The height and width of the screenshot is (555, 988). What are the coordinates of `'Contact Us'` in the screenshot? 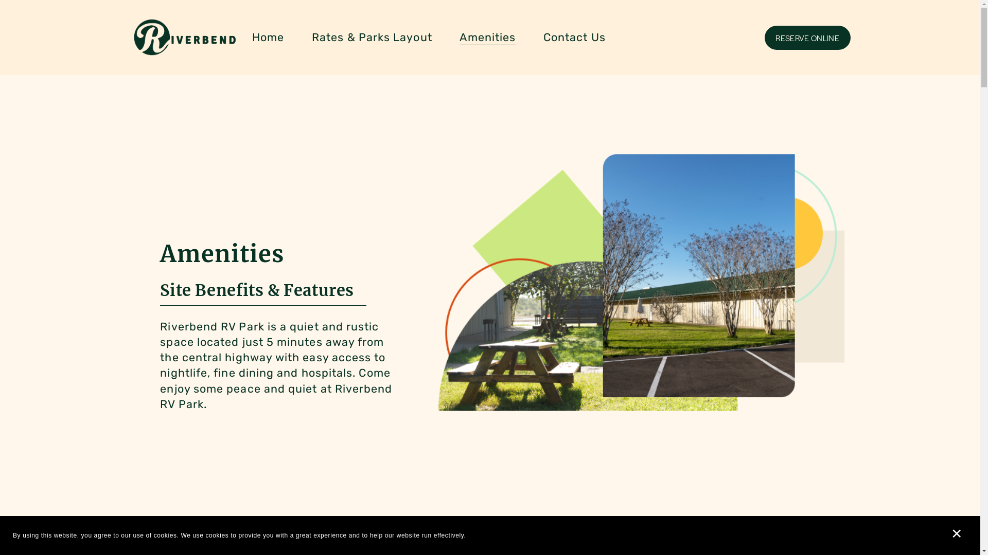 It's located at (574, 37).